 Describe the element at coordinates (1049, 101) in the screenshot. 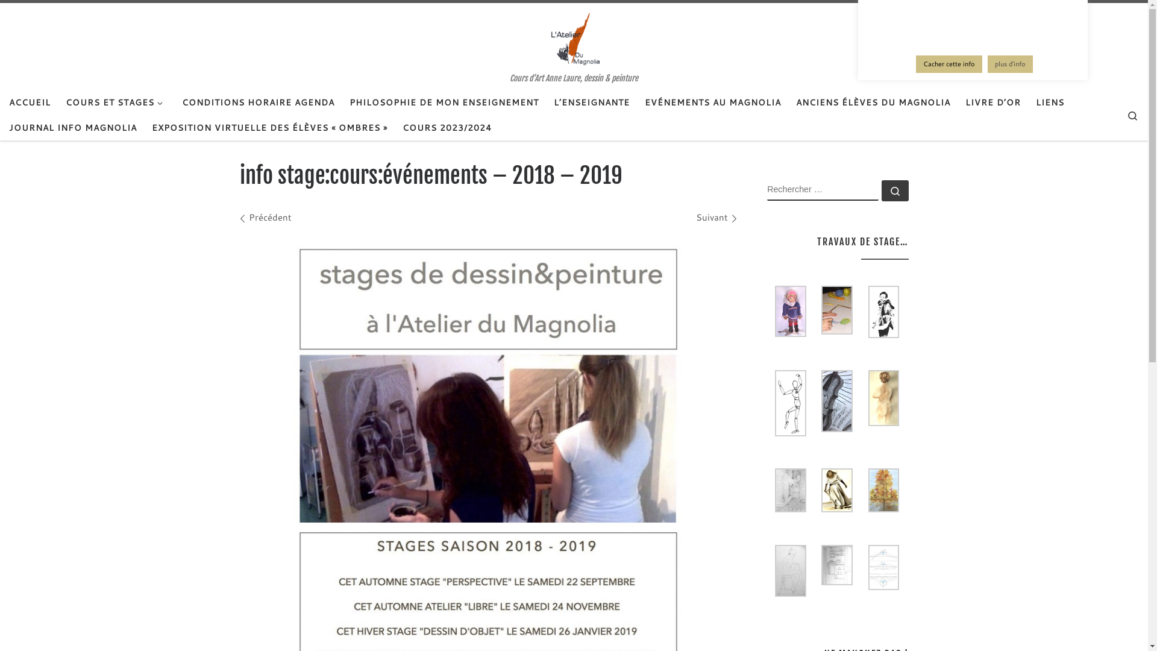

I see `'LIENS'` at that location.